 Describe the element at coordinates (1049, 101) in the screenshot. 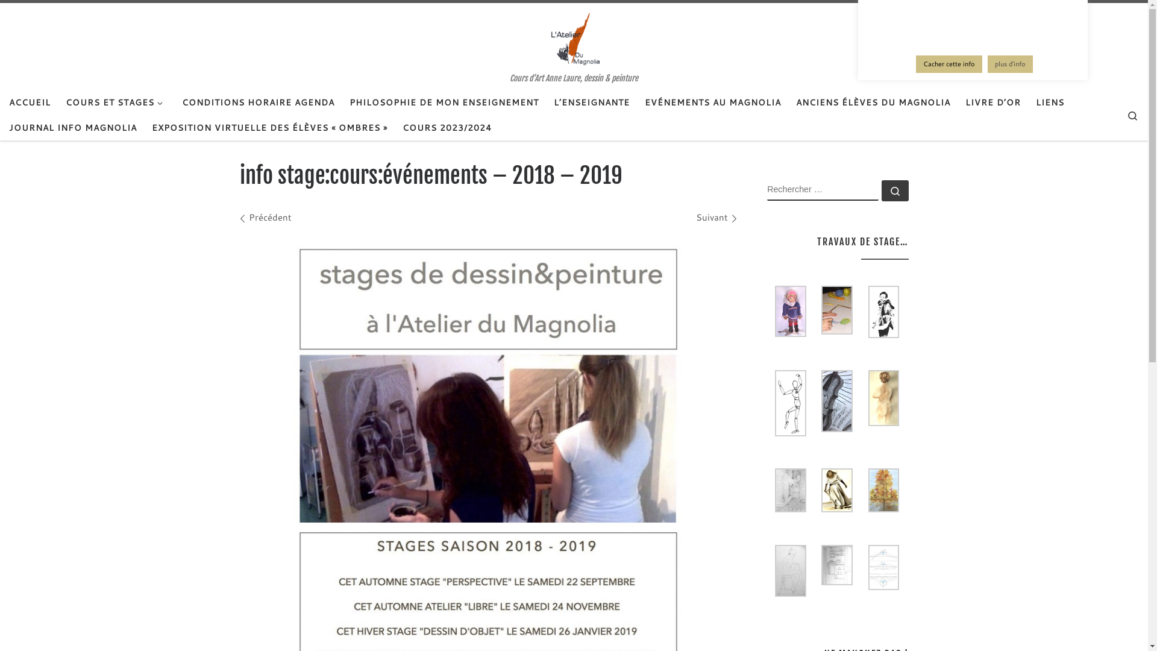

I see `'LIENS'` at that location.